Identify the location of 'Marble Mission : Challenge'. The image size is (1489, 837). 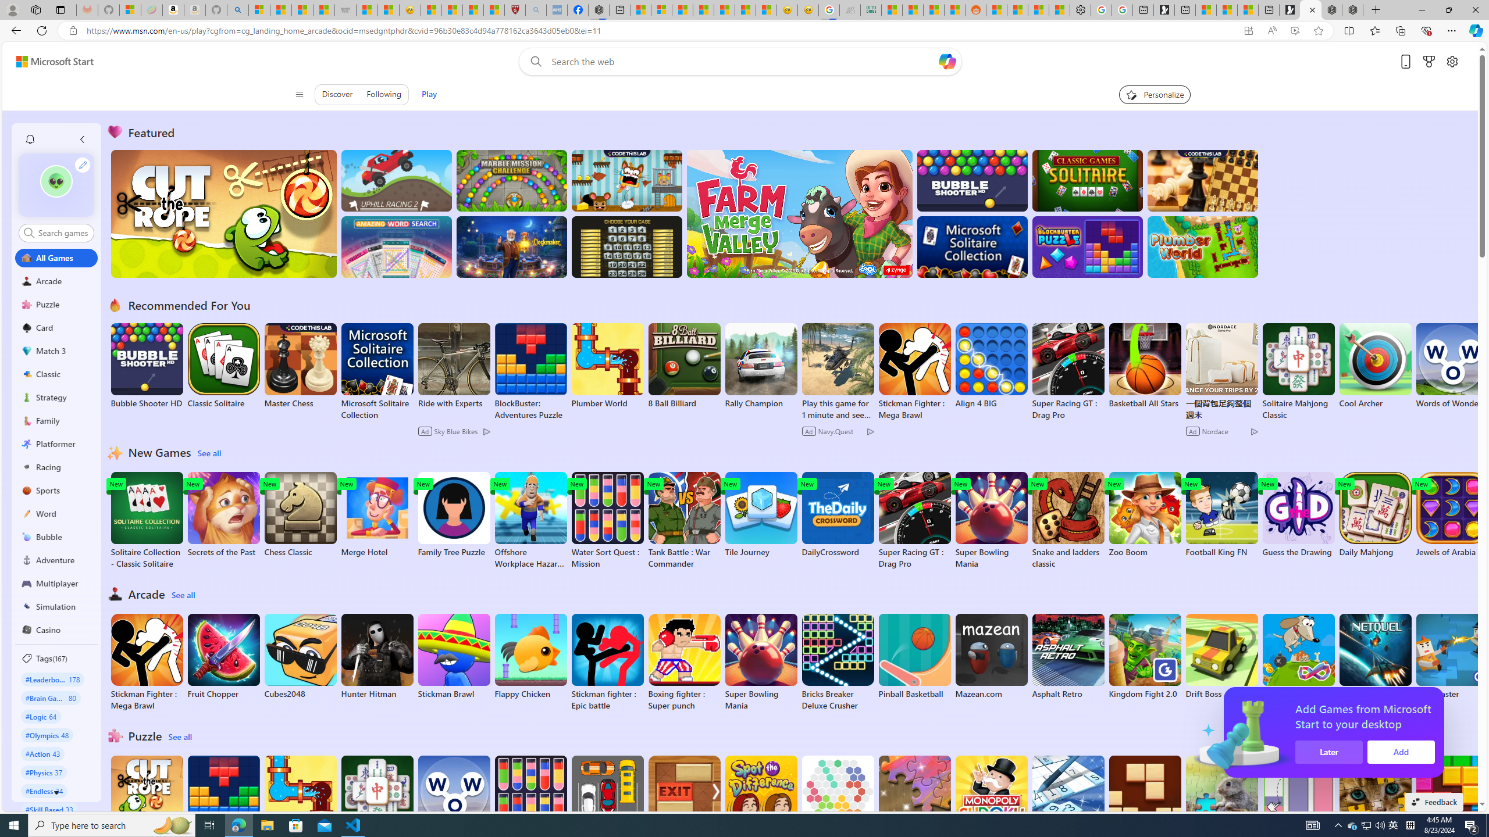
(511, 180).